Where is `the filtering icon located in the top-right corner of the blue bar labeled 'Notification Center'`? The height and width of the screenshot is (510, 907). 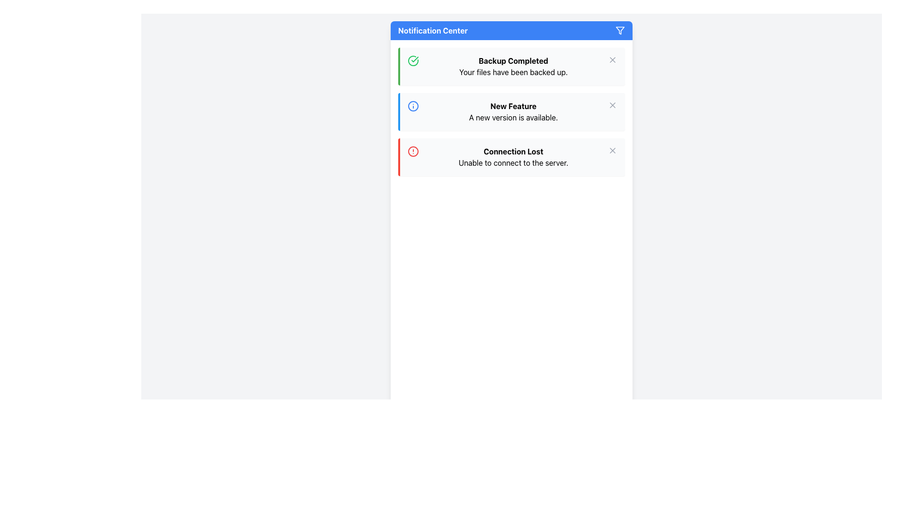
the filtering icon located in the top-right corner of the blue bar labeled 'Notification Center' is located at coordinates (620, 30).